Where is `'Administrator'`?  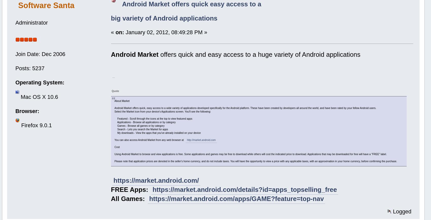
'Administrator' is located at coordinates (31, 23).